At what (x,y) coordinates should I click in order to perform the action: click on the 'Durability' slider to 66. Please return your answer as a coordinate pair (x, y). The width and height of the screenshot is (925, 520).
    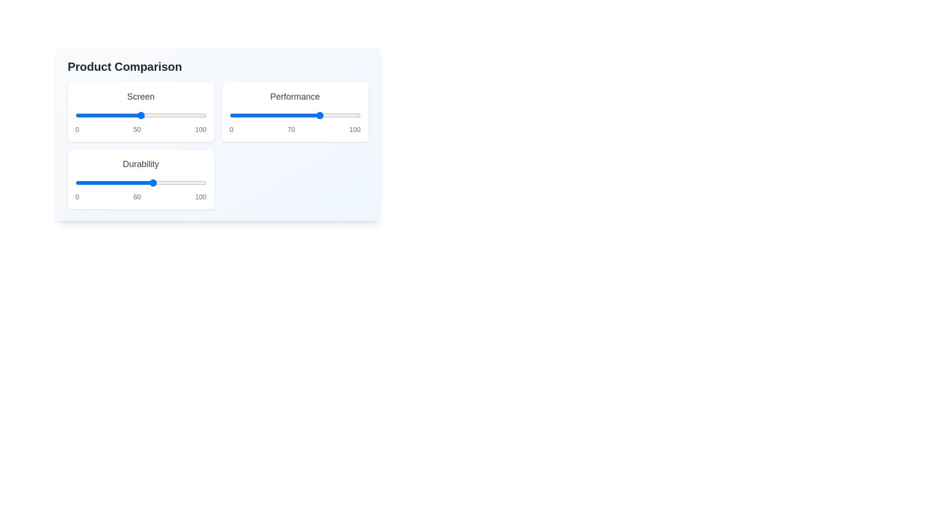
    Looking at the image, I should click on (162, 183).